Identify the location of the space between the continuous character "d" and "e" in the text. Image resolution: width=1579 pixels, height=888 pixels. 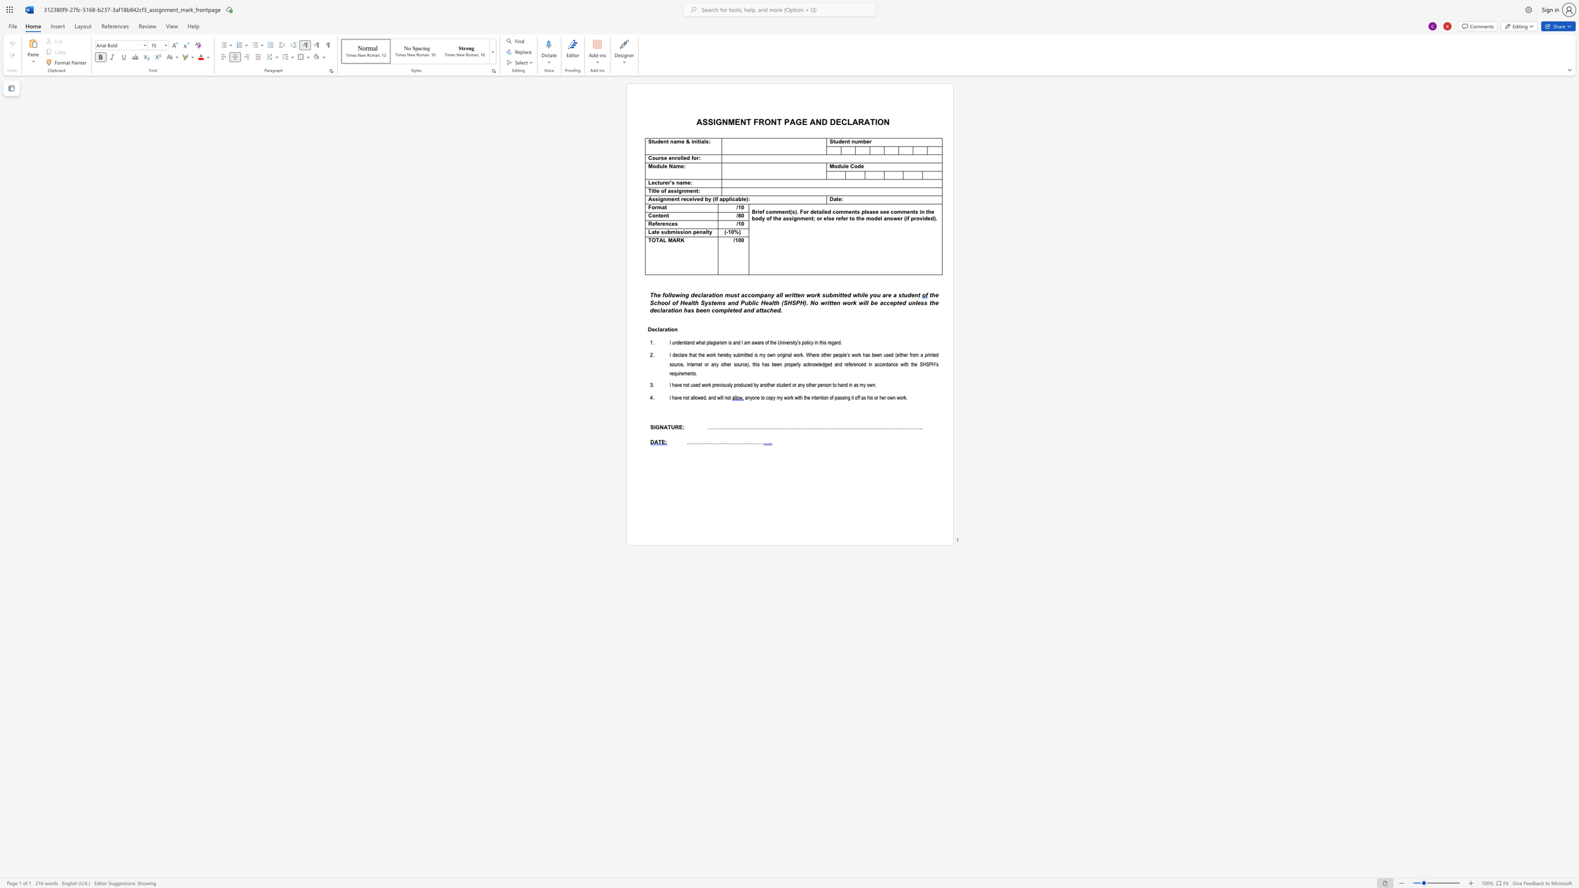
(841, 141).